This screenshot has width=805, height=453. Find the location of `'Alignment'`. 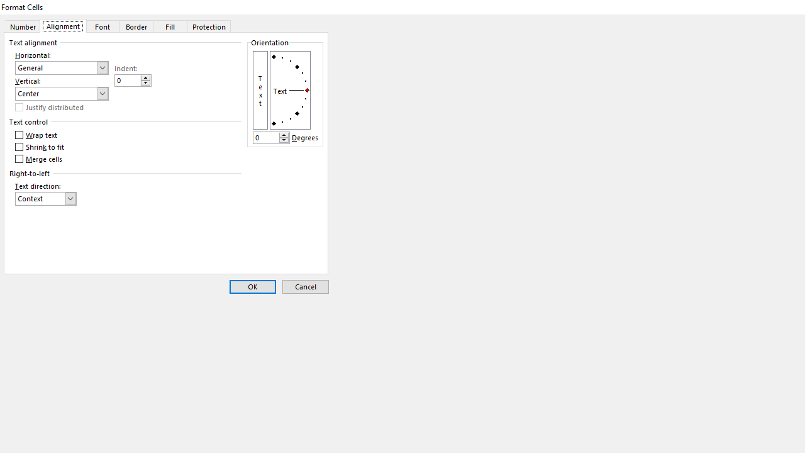

'Alignment' is located at coordinates (62, 26).